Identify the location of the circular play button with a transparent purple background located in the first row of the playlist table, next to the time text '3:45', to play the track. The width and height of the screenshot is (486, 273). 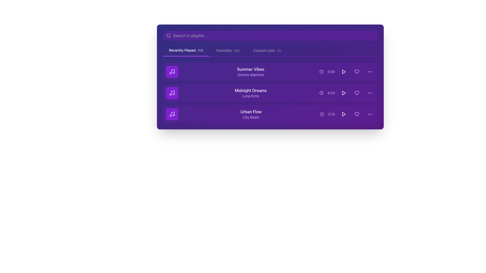
(343, 72).